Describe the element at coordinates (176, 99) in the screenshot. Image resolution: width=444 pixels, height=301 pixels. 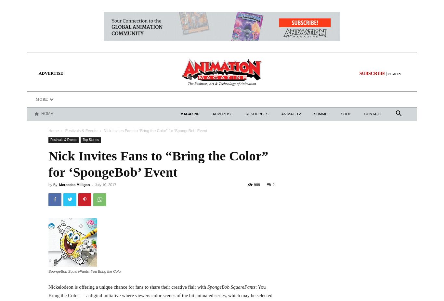
I see `'Shorts'` at that location.